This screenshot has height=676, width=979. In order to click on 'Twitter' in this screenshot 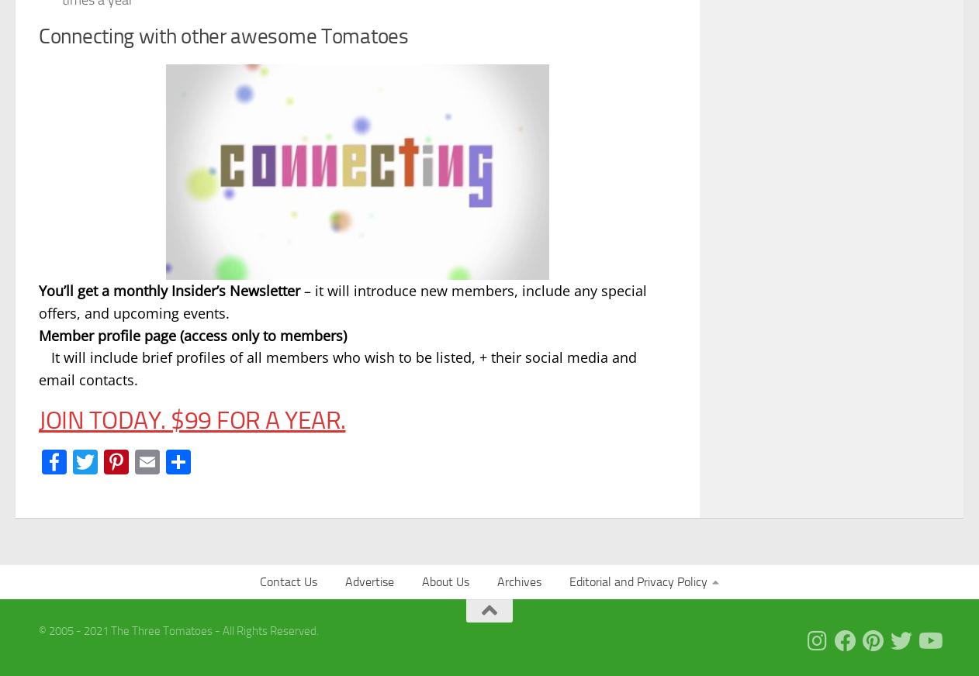, I will do `click(134, 460)`.